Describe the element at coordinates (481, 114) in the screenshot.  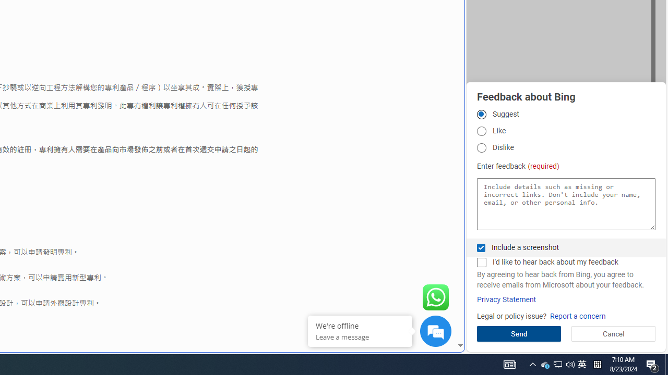
I see `'Suggest'` at that location.